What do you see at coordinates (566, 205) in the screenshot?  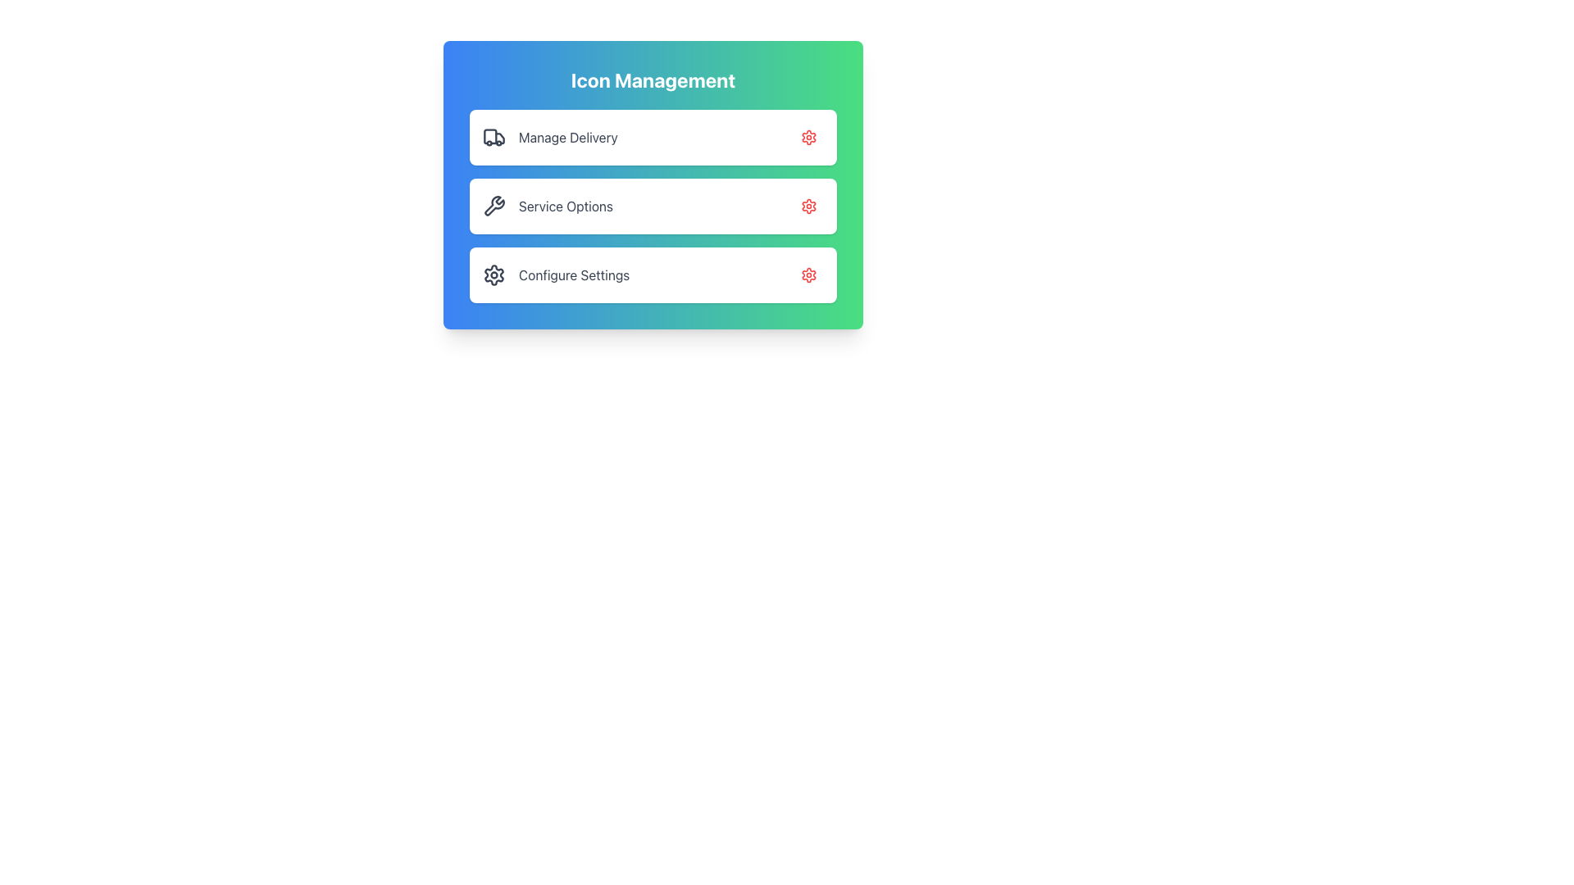 I see `text label displaying 'Service Options', which is centrally aligned within the UI card and located in the second entry of a vertically stacked list of options` at bounding box center [566, 205].